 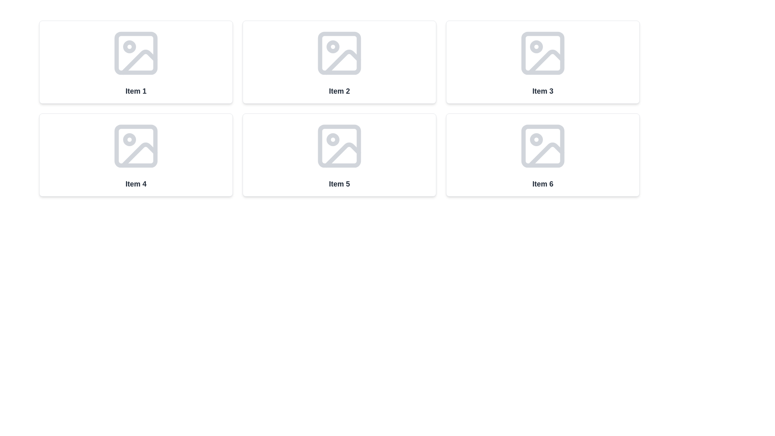 I want to click on the circular graphic detail located in the fourth image card labeled 'Item 4' in the second row, first column of the grid layout, so click(x=130, y=139).